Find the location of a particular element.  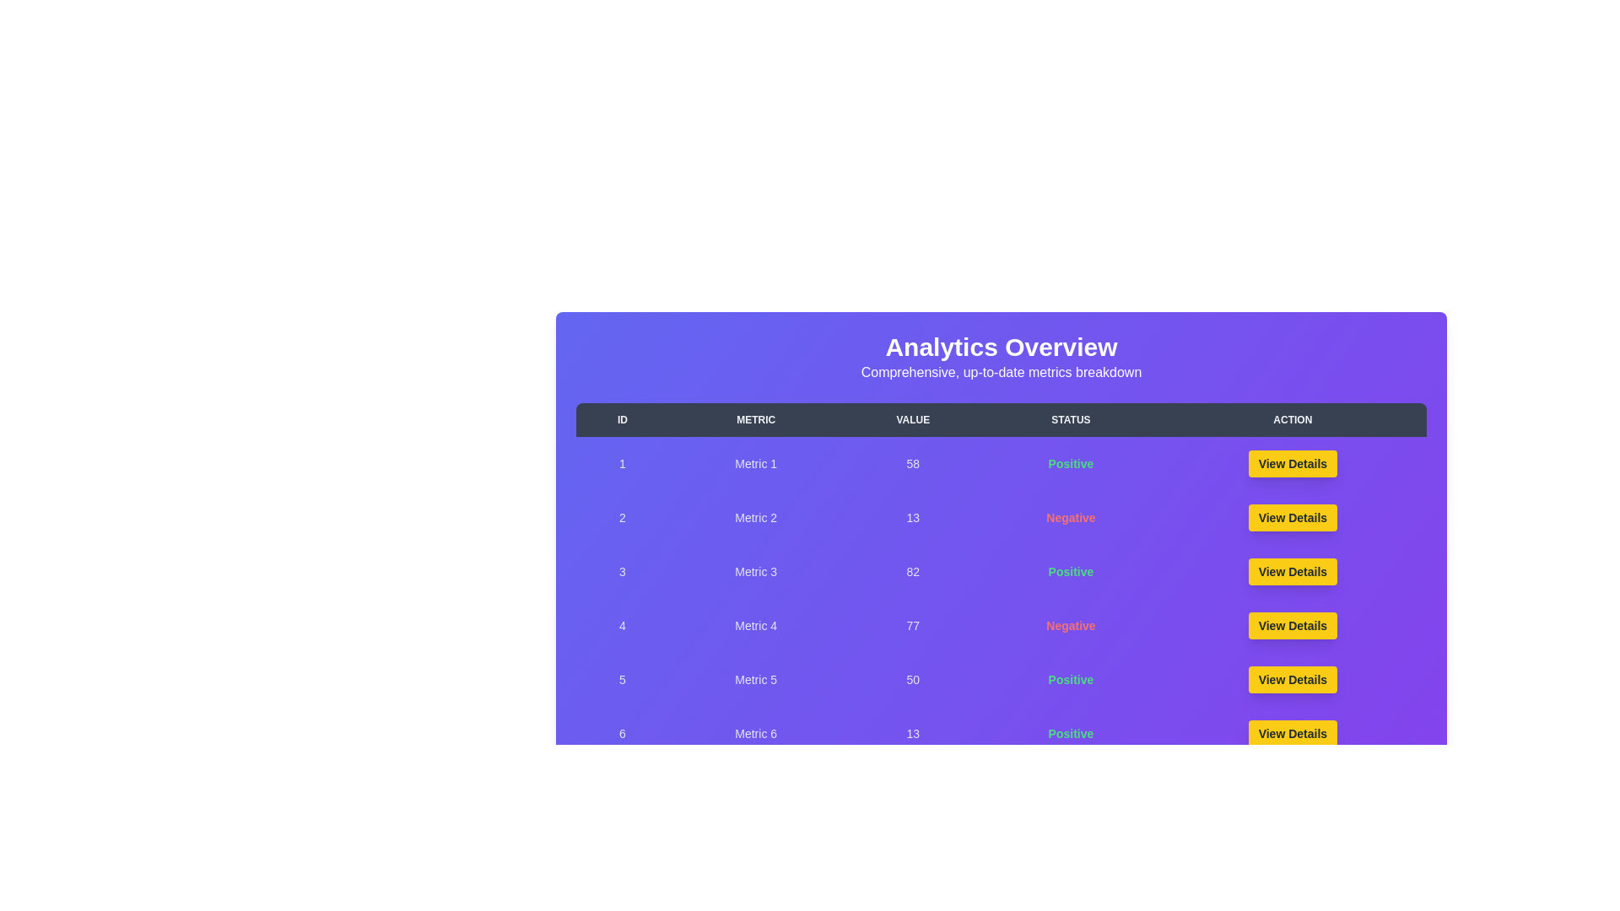

the row corresponding to 6 is located at coordinates (1001, 733).